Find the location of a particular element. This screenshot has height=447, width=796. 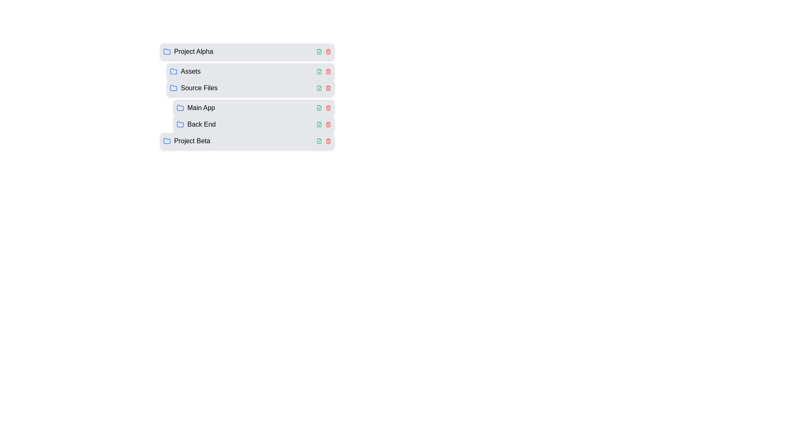

the 'Assets' text label, which identifies the section in the hierarchical interface located below 'Project Alpha' and above 'Source Files', to the right of the blue folder icon is located at coordinates (190, 71).